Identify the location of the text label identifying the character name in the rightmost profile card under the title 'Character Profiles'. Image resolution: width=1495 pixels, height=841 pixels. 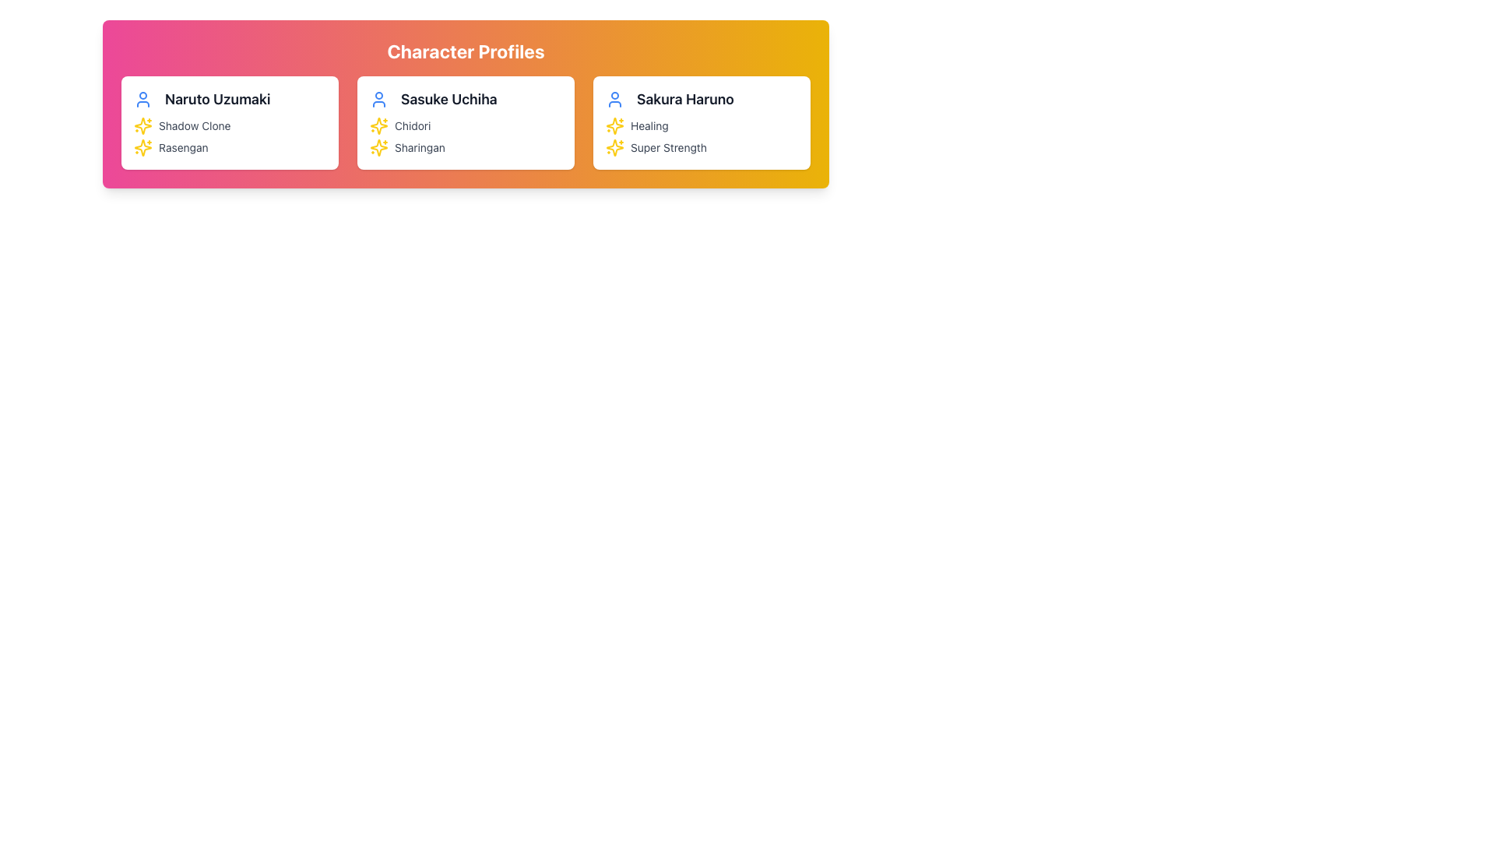
(685, 99).